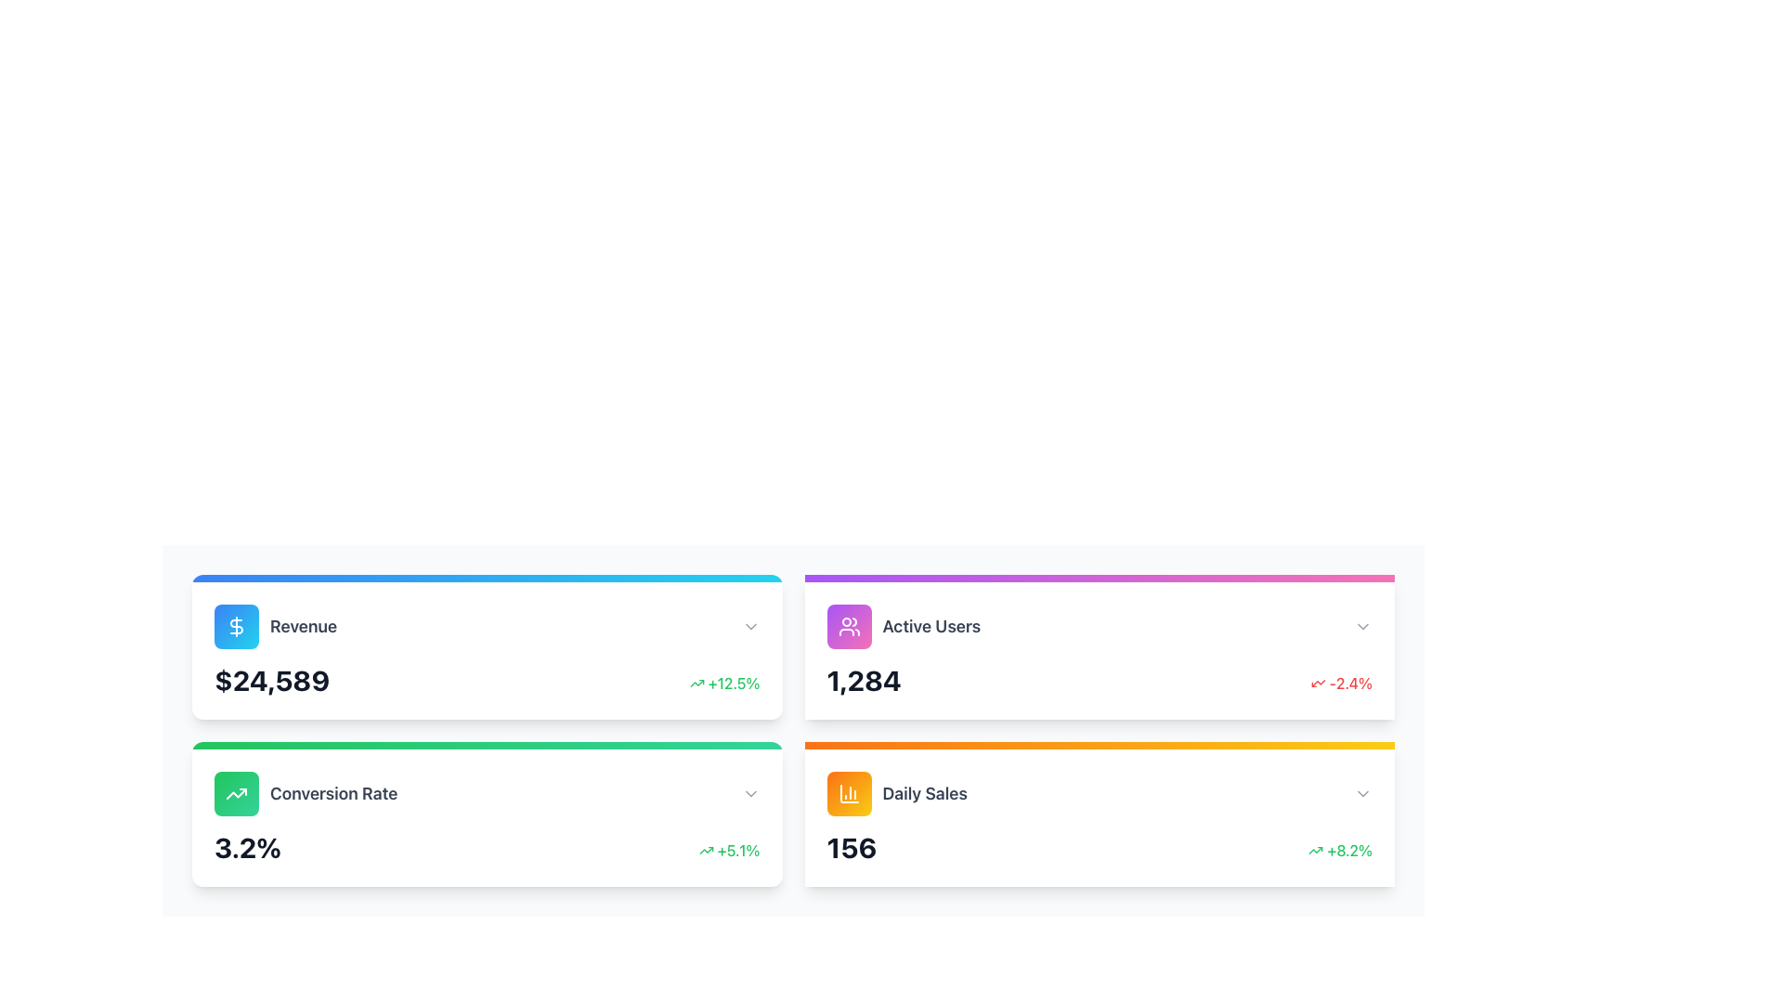 The image size is (1783, 1003). What do you see at coordinates (1363, 627) in the screenshot?
I see `the chevron icon in the upper-right corner of the 'Active Users' panel` at bounding box center [1363, 627].